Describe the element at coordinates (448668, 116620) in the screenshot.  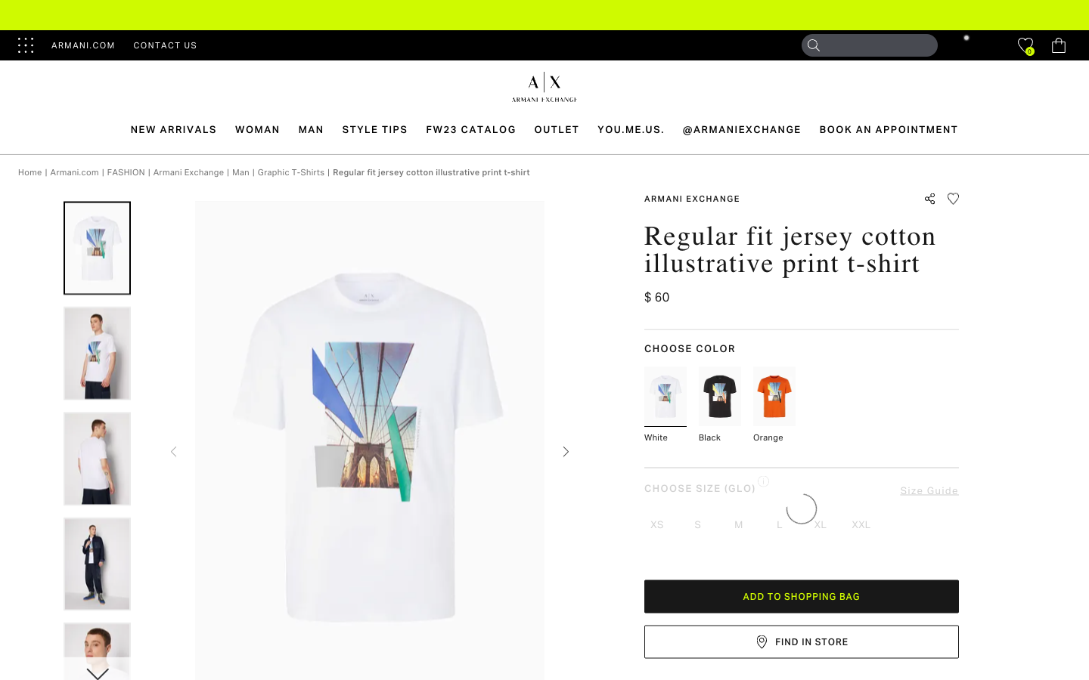
I see `the entire men"s clothing collection by moving the pointer to the men"s section, hitting tab twice and then making the selection` at that location.